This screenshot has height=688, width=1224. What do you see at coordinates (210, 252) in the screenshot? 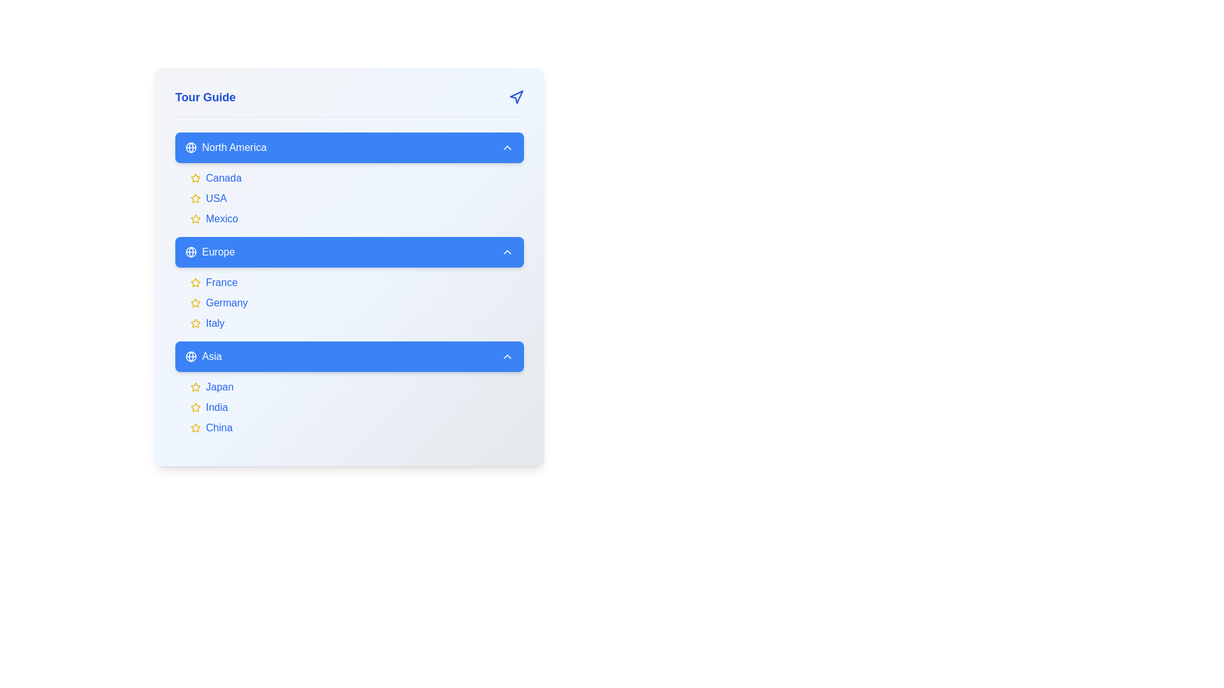
I see `the 'Europe' text label with a globe icon, which is styled in white against a blue background, located in the navigation menu` at bounding box center [210, 252].